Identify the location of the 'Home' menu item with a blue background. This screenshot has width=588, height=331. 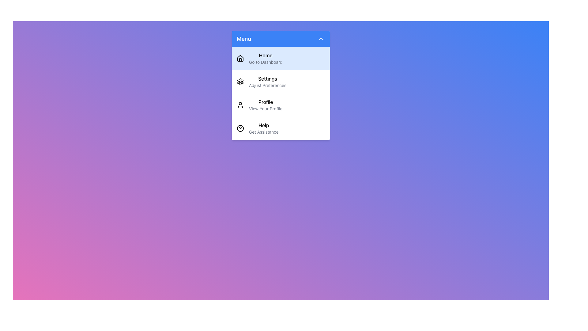
(280, 59).